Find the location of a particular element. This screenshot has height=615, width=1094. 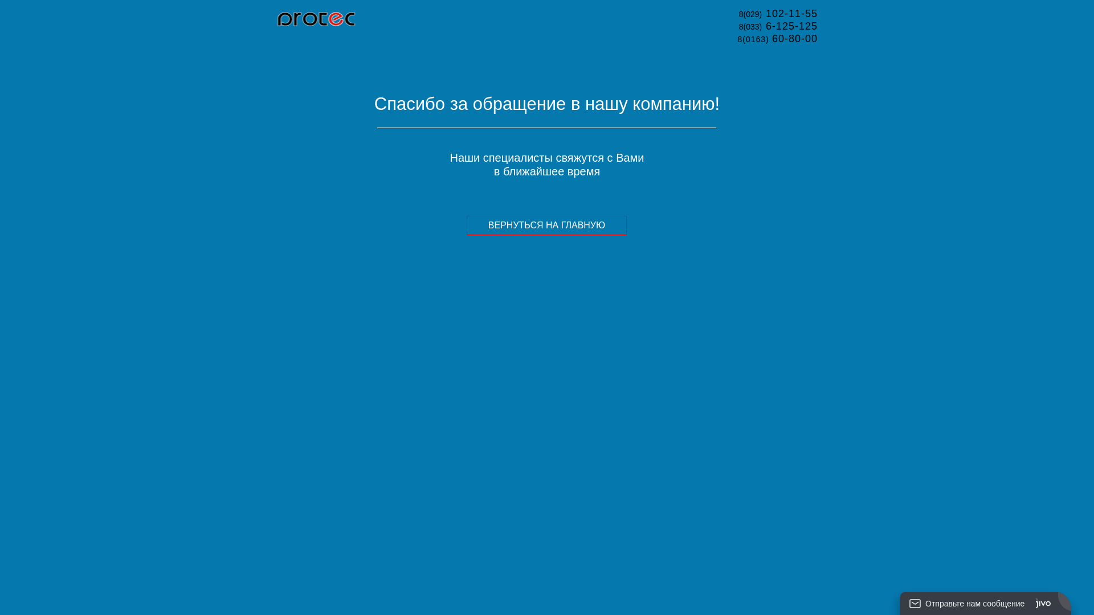

'8(029)  102-11-55' is located at coordinates (738, 14).